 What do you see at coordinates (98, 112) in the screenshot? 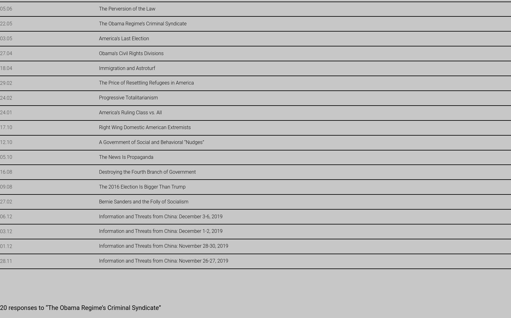
I see `'America’s Ruling Class vs. All'` at bounding box center [98, 112].